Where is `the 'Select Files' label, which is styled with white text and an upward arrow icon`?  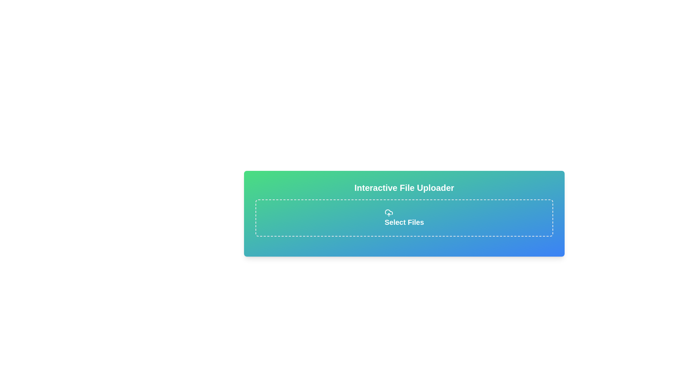 the 'Select Files' label, which is styled with white text and an upward arrow icon is located at coordinates (404, 217).